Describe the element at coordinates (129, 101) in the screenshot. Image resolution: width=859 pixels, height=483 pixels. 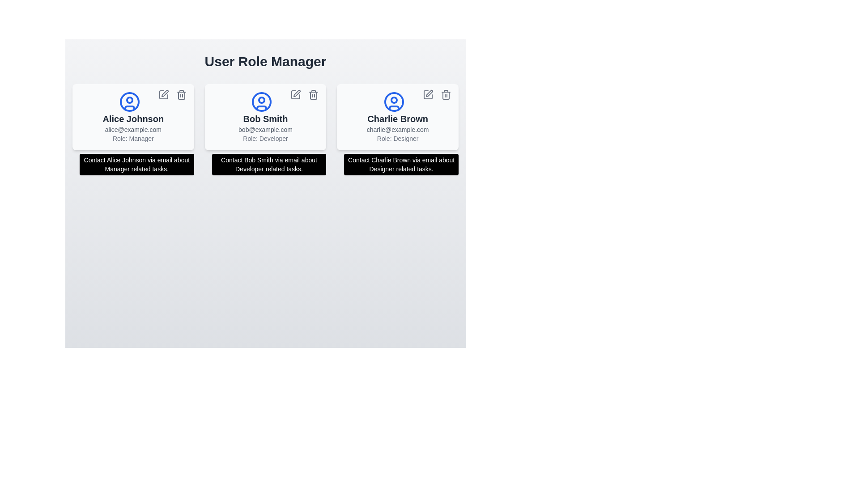
I see `the user profile icon for 'Alice Johnson' located at the top-left corner of the card, which is horizontally centered in the upper section` at that location.